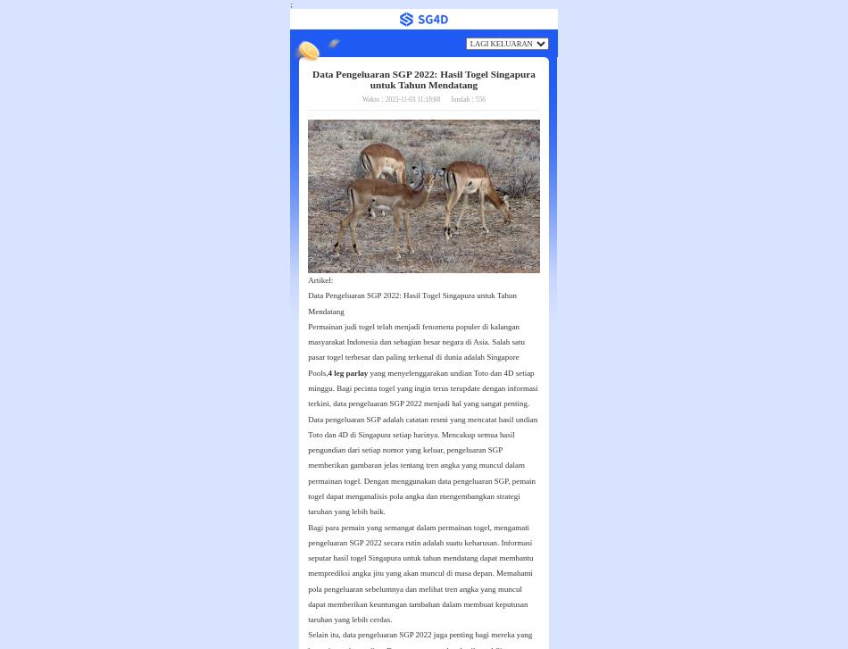 The image size is (848, 649). What do you see at coordinates (307, 279) in the screenshot?
I see `'Artikel:'` at bounding box center [307, 279].